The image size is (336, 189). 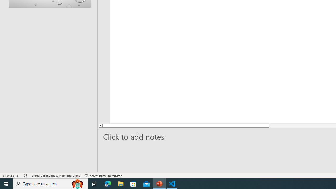 I want to click on 'Accessibility Checker Accessibility: Investigate', so click(x=104, y=176).